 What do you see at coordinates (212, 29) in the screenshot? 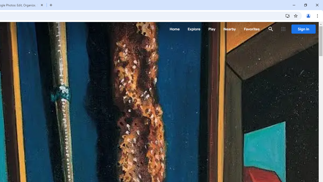
I see `'Play'` at bounding box center [212, 29].